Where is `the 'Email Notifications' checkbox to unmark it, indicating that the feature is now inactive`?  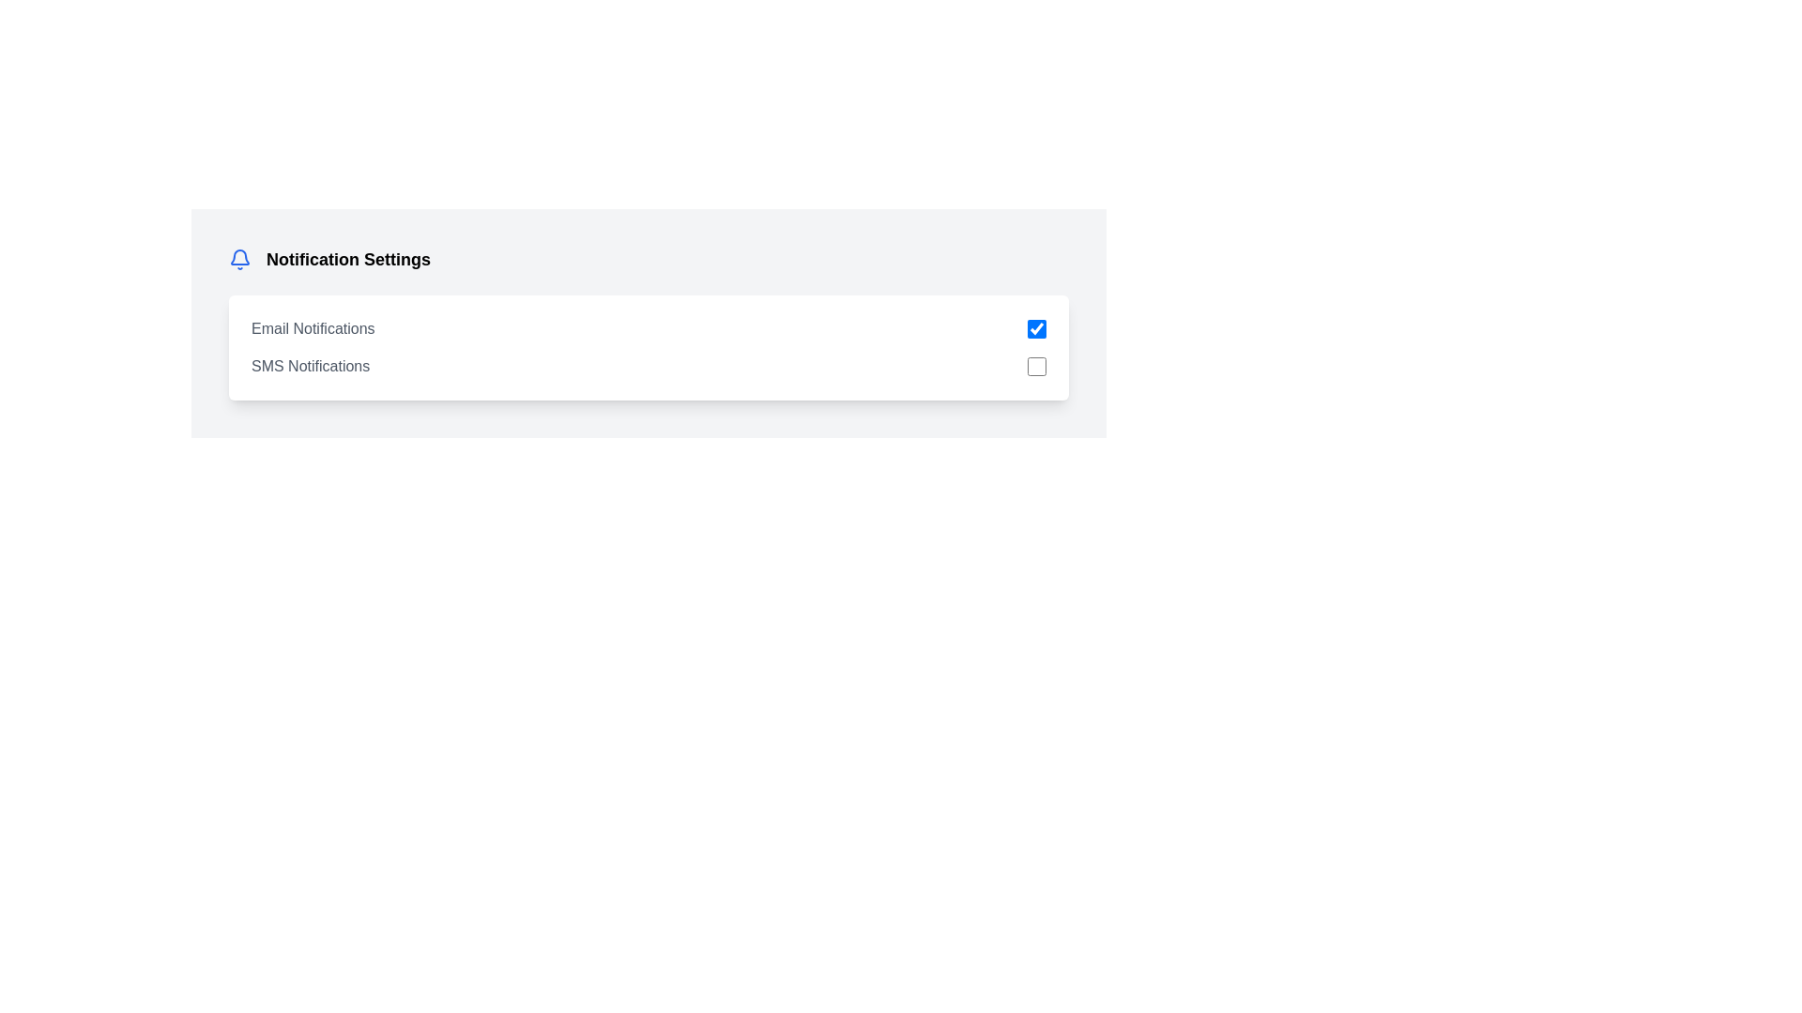 the 'Email Notifications' checkbox to unmark it, indicating that the feature is now inactive is located at coordinates (1035, 328).